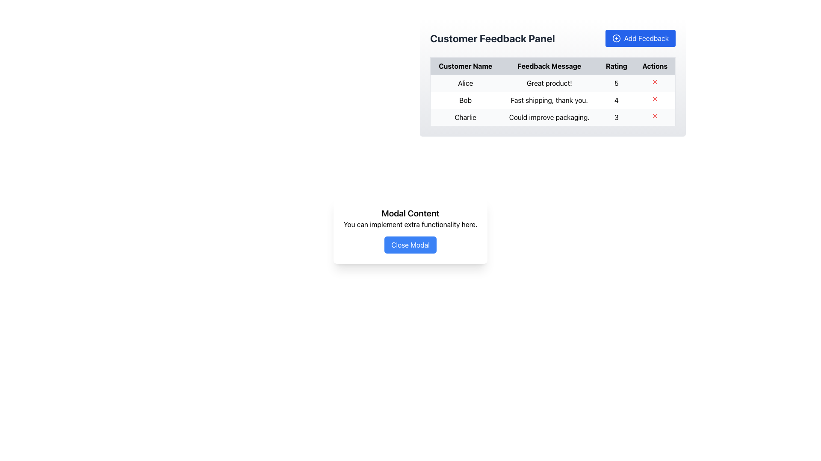  What do you see at coordinates (549, 117) in the screenshot?
I see `the static text field that conveys feedback from user 'Charlie' about improving packaging, located in the third row of the feedback table under the 'Feedback Message' column` at bounding box center [549, 117].